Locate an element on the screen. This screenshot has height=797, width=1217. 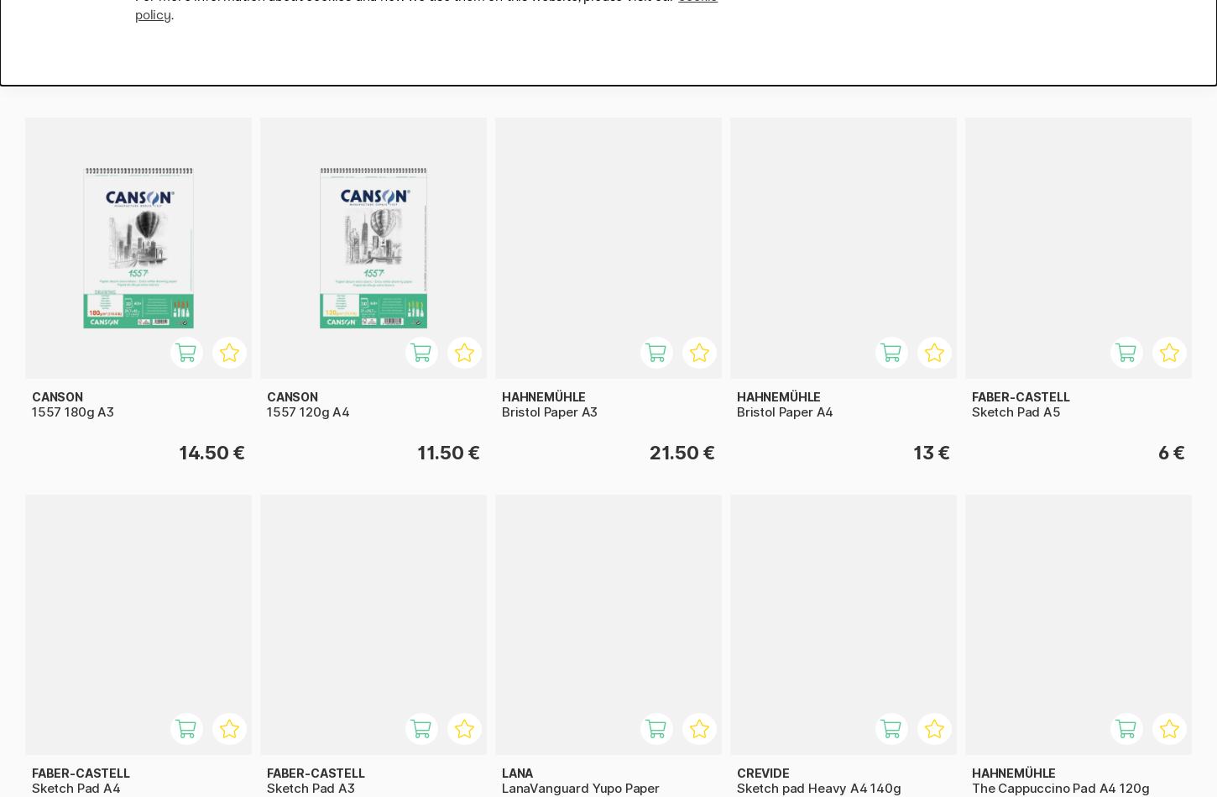
'Sketch pad Heavy A4 140g' is located at coordinates (818, 787).